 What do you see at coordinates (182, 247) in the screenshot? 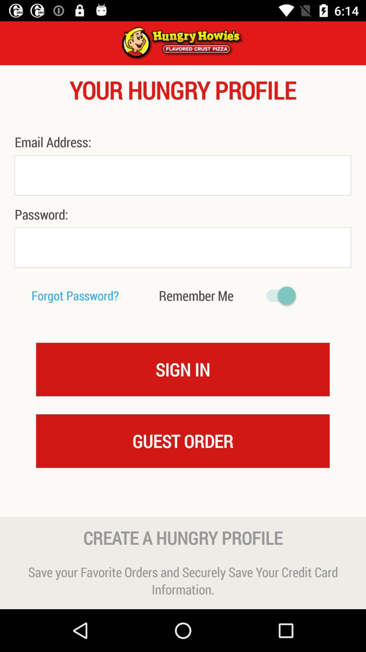
I see `which text area contains password` at bounding box center [182, 247].